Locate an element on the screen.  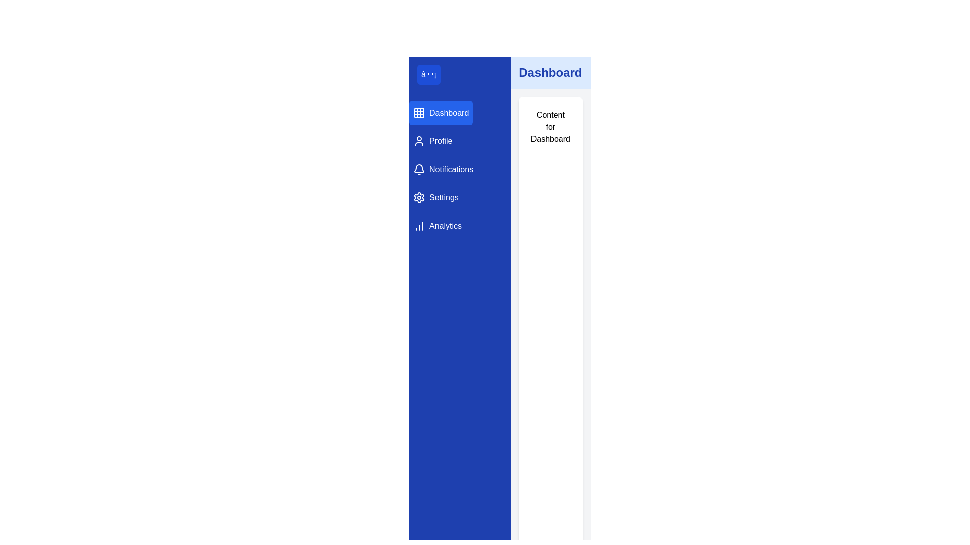
the 'Dashboard' heading label displayed in bold large blue font at the top right section of the interface is located at coordinates (550, 72).